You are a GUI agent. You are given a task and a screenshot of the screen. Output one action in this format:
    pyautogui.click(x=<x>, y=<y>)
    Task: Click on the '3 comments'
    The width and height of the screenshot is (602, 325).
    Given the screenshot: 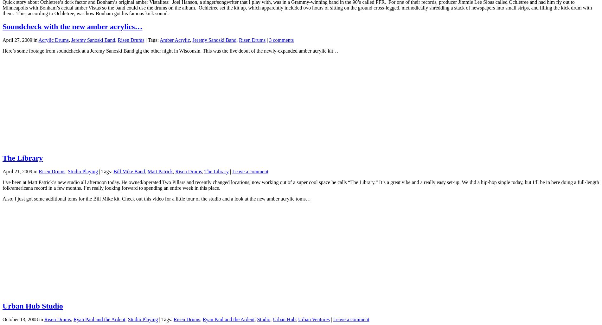 What is the action you would take?
    pyautogui.click(x=281, y=40)
    